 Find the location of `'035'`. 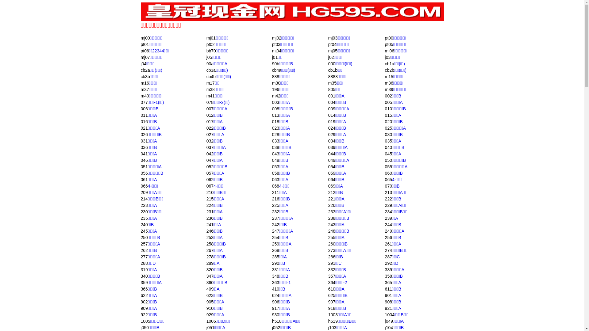

'035' is located at coordinates (384, 141).